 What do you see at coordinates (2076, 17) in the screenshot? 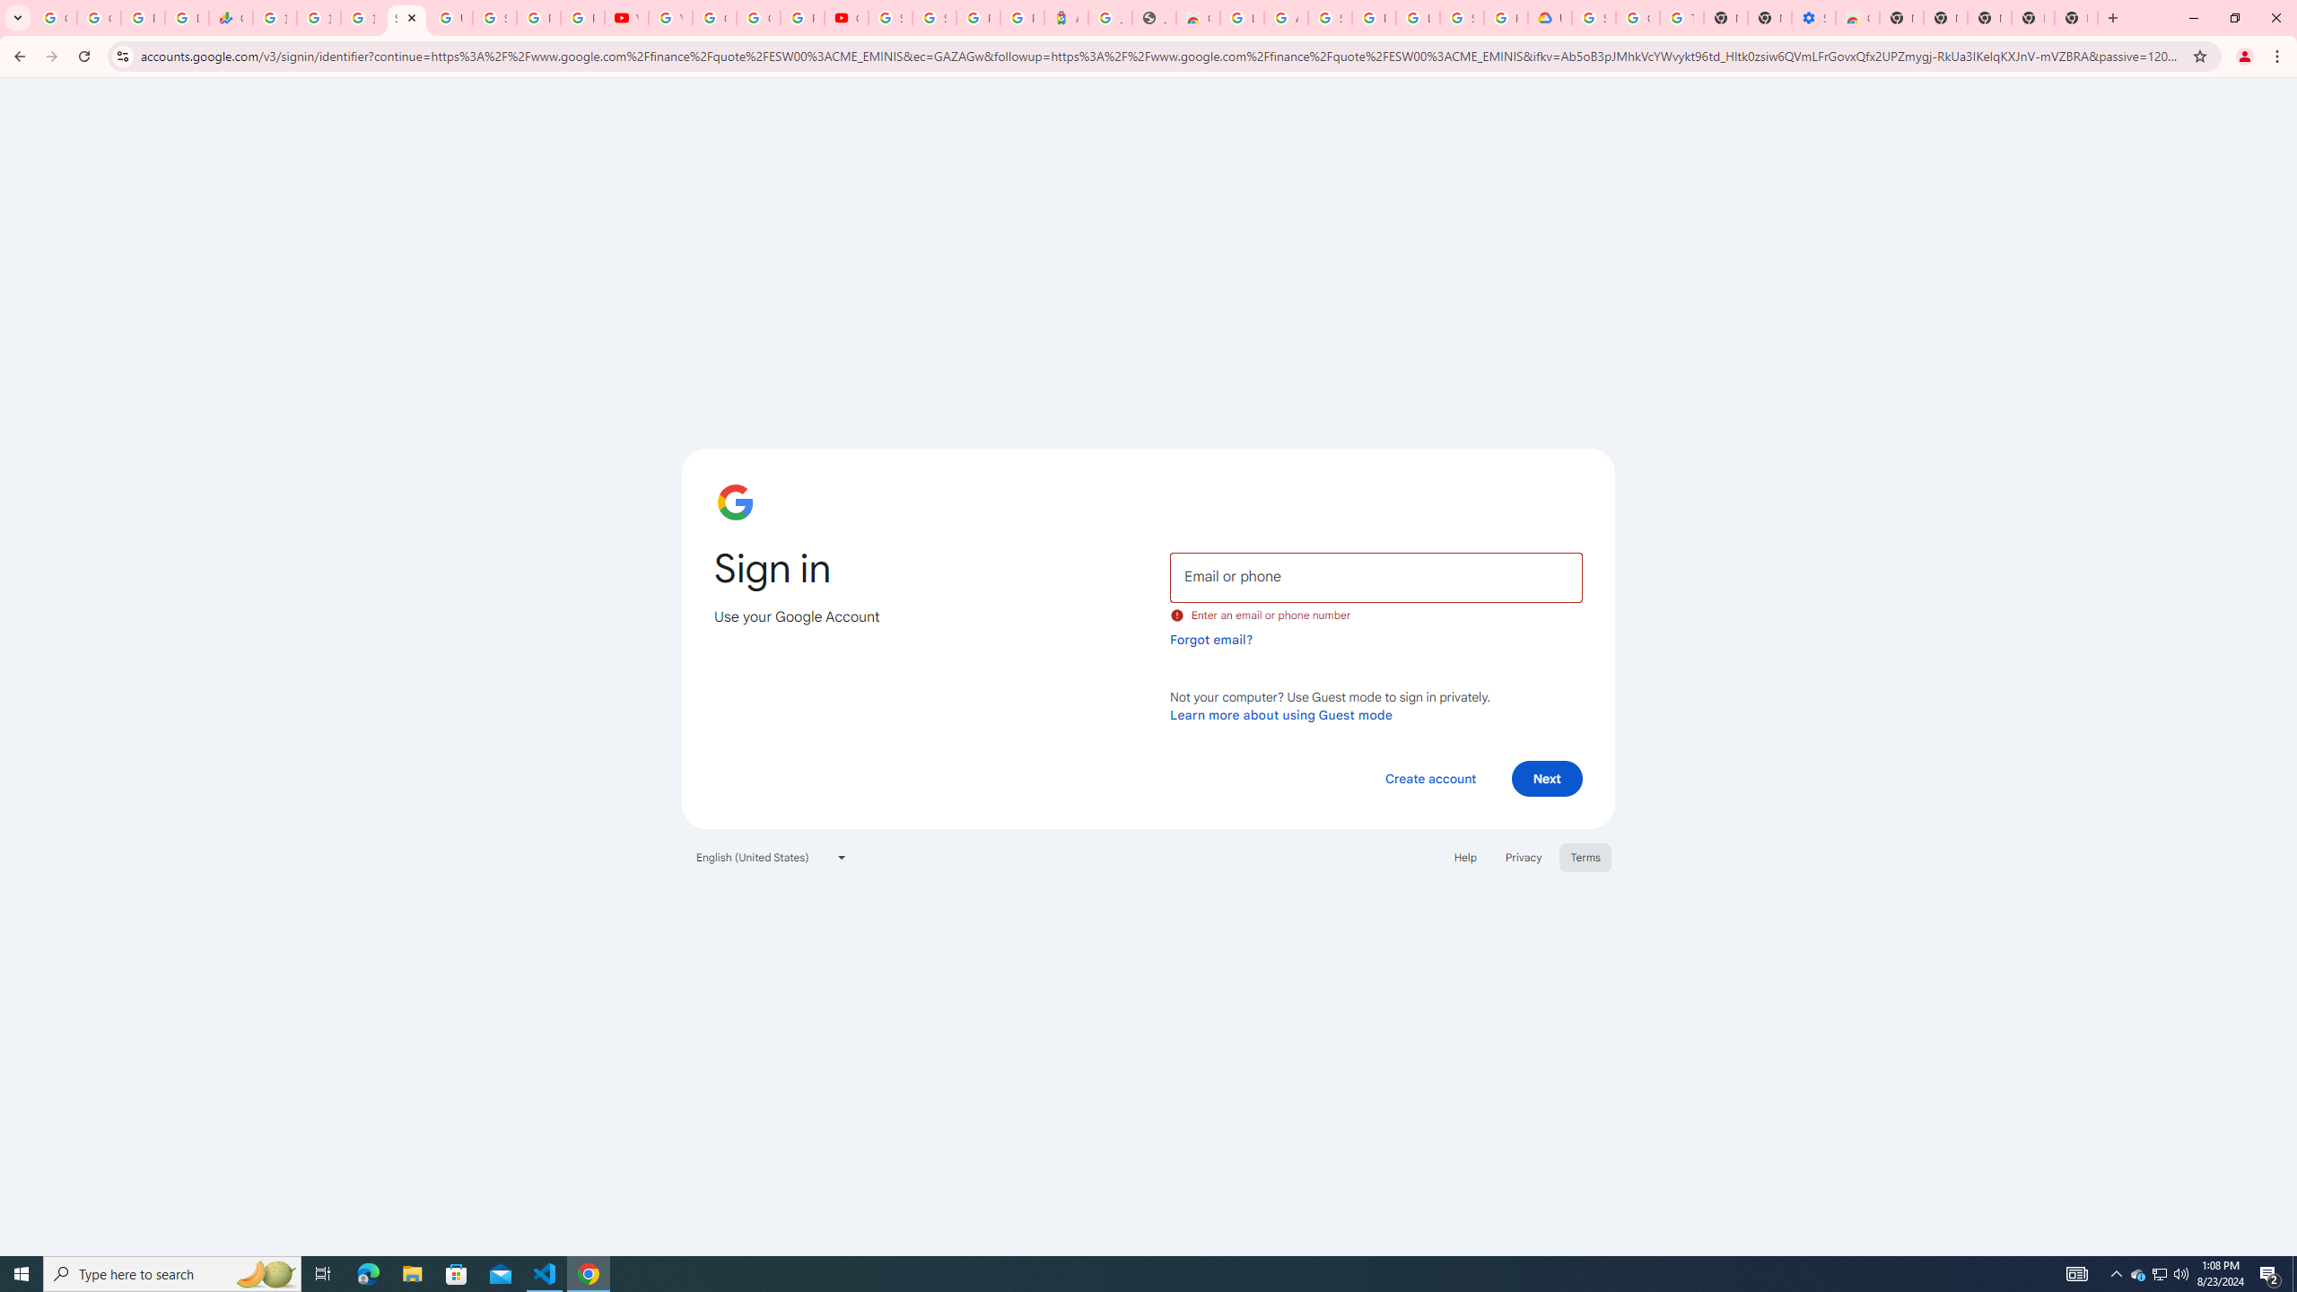
I see `'New Tab'` at bounding box center [2076, 17].